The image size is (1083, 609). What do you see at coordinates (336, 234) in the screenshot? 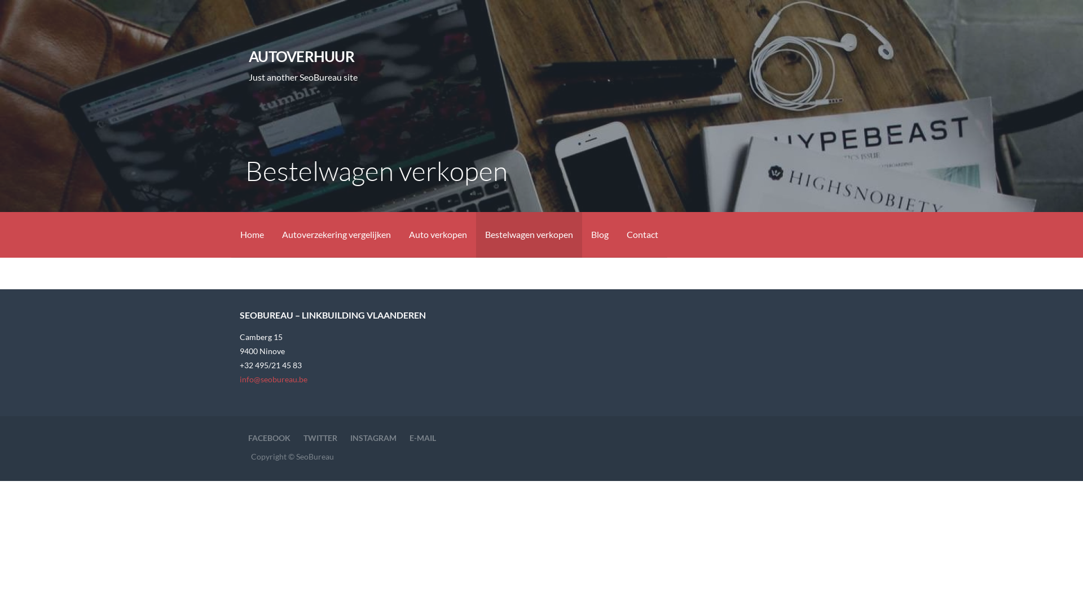
I see `'Autoverzekering vergelijken'` at bounding box center [336, 234].